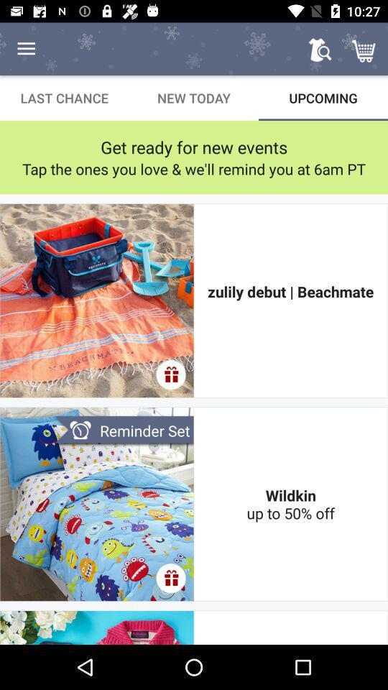 This screenshot has width=388, height=690. What do you see at coordinates (194, 147) in the screenshot?
I see `get ready for item` at bounding box center [194, 147].